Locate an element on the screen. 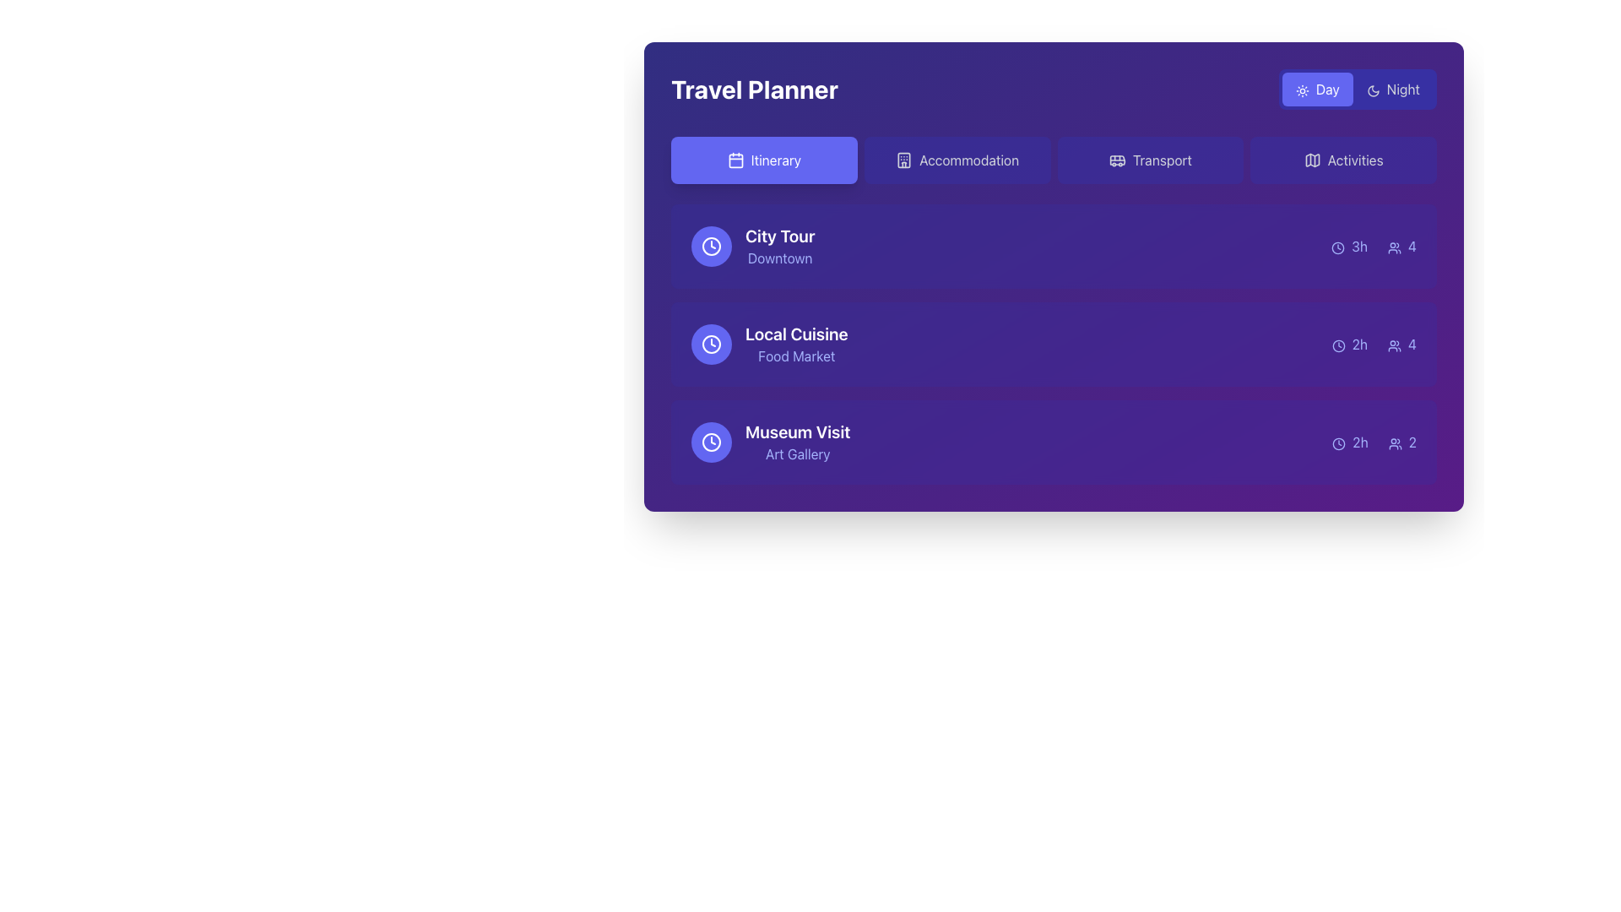  the text label displaying the number '2', which is styled in light purple and positioned to the right of a user icon representing two people is located at coordinates (1402, 442).